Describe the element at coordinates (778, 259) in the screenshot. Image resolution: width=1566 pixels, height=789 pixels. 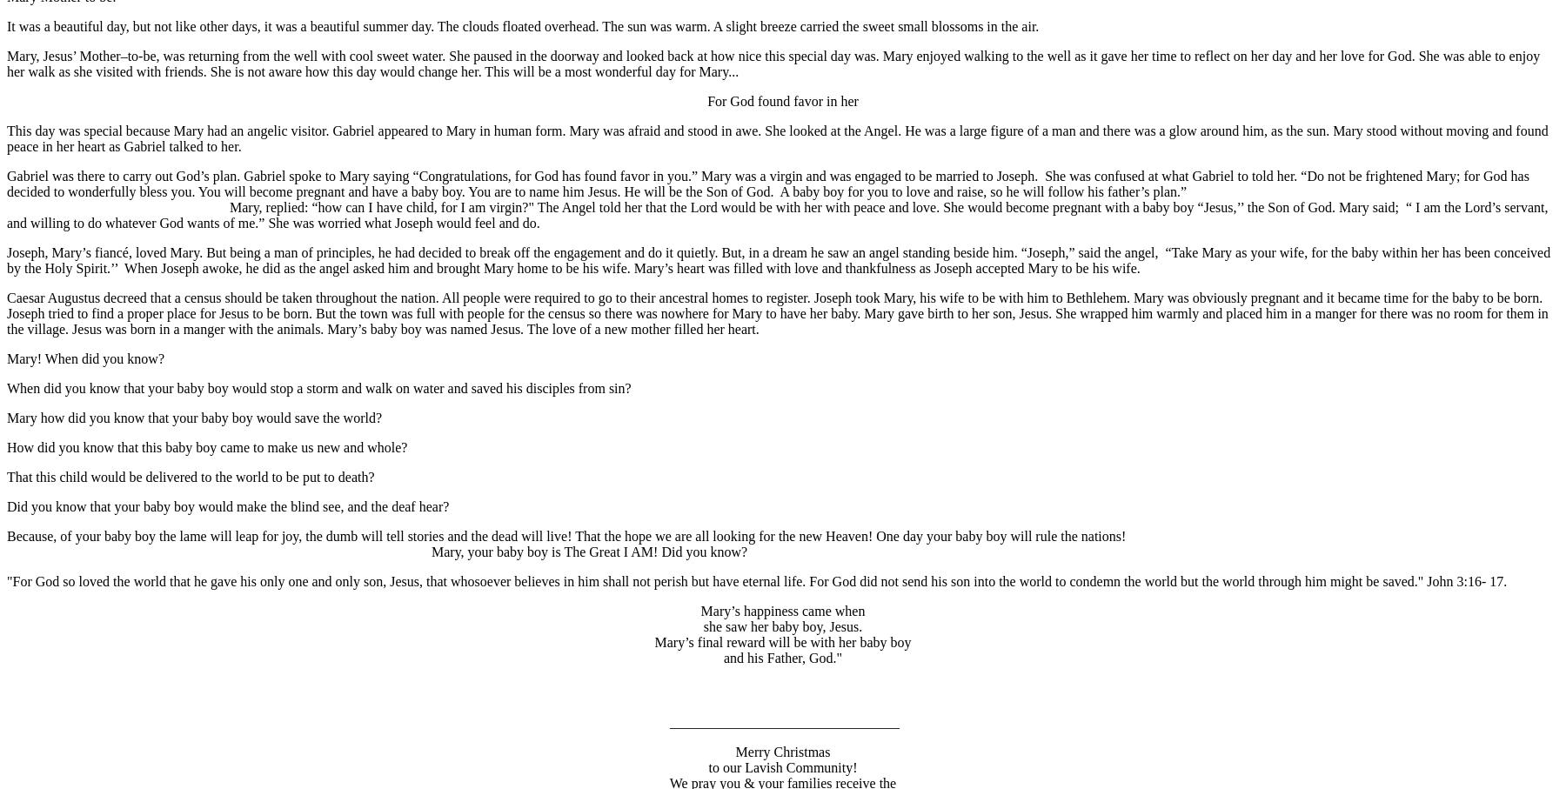
I see `'Joseph, Mary’s fiancé, loved Mary. But being a man of principles, he had decided to break off the engagement and do it quietly. But, in a dream he saw an angel standing beside him. “Joseph,” said the angel,  “Take Mary as your wife, for the baby within her has been conceived by the Holy Spirit.’’  When Joseph awoke, he did as the angel asked him and brought Mary home to be his wife. Mary’s heart was filled with love and thankfulness as Joseph accepted Mary to be his wife.'` at that location.